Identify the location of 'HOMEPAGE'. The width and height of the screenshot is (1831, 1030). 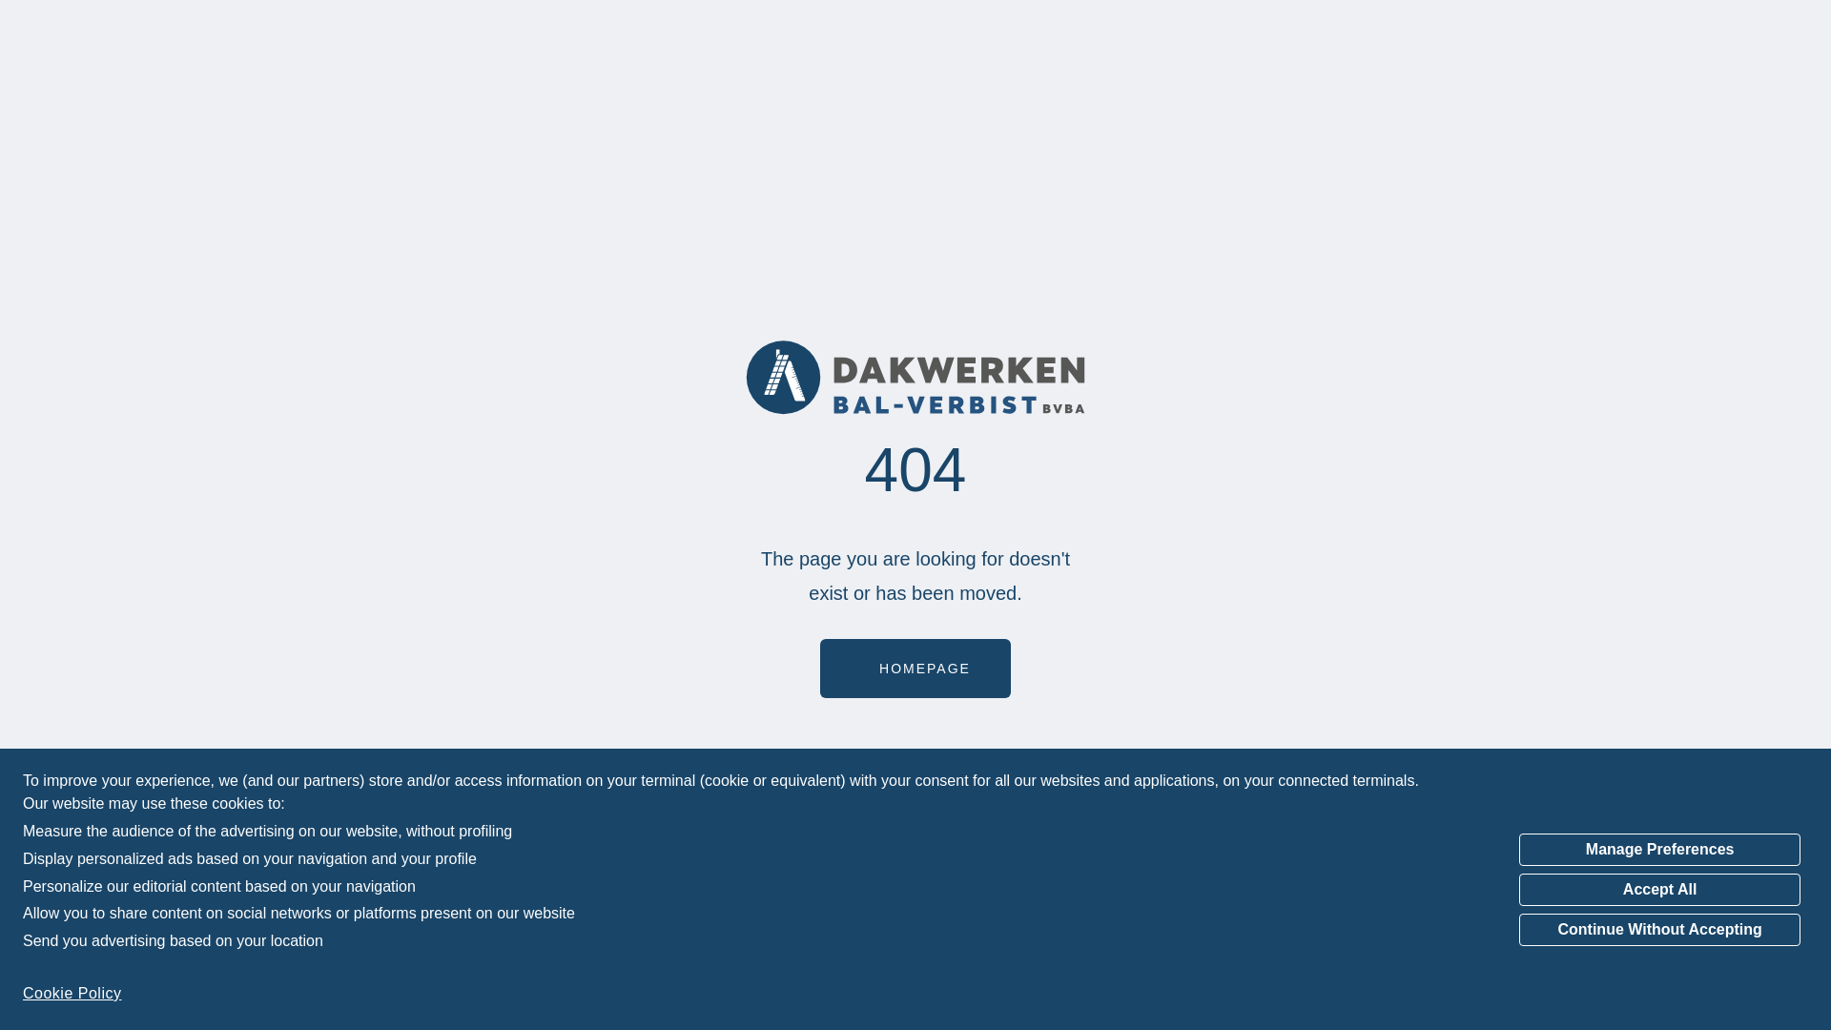
(915, 668).